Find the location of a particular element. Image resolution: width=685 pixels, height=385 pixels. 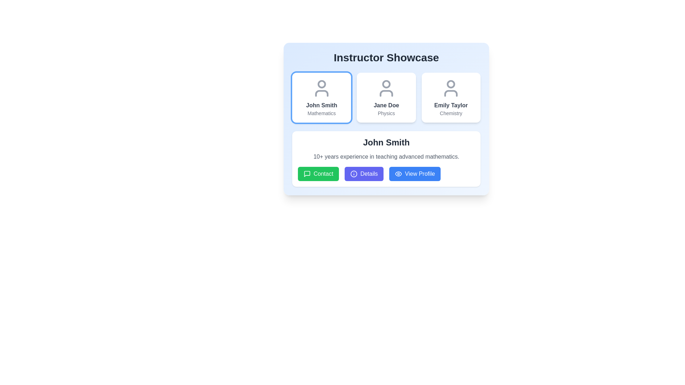

the topmost circular component of the third instructor card ('Emily Taylor, Chemistry') within the SVG icon is located at coordinates (451, 84).